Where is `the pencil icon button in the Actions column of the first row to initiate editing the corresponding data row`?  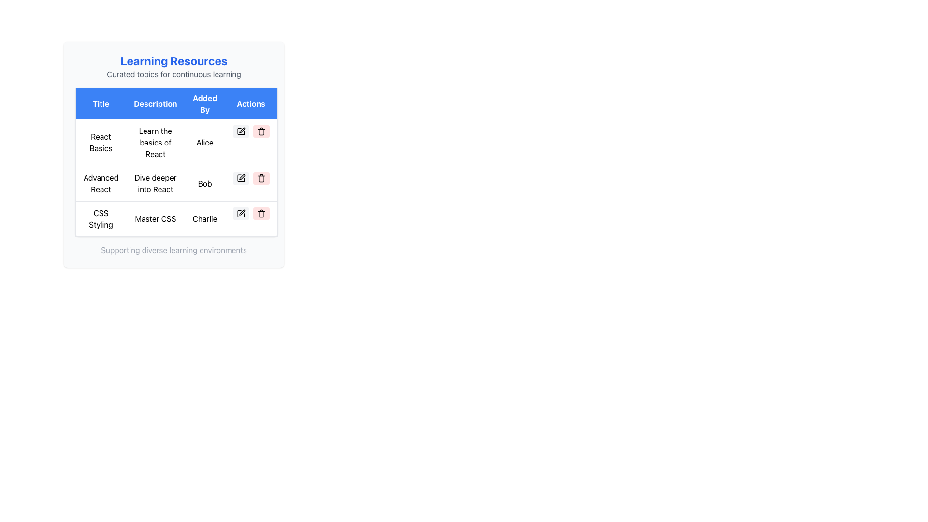 the pencil icon button in the Actions column of the first row to initiate editing the corresponding data row is located at coordinates (241, 131).